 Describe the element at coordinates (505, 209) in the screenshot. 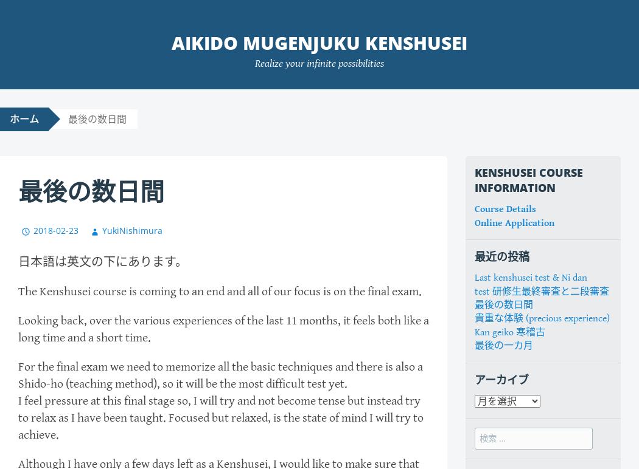

I see `'Course Details'` at that location.